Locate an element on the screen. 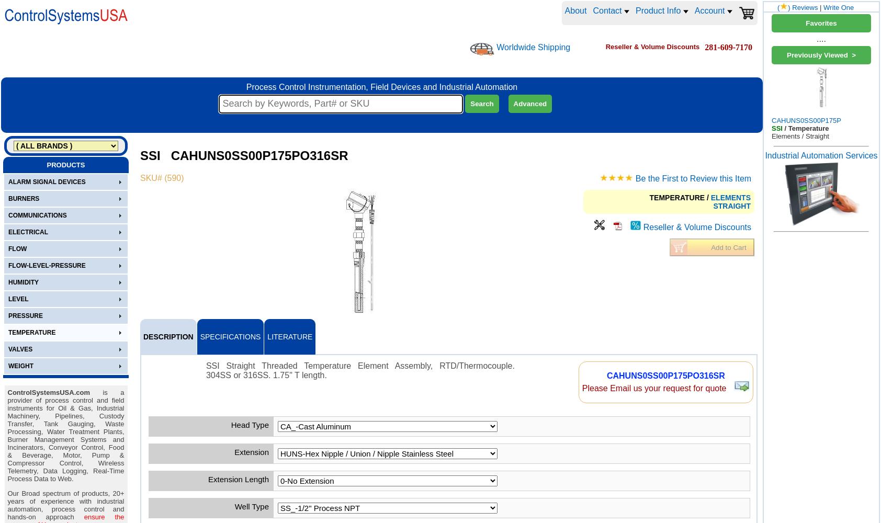 Image resolution: width=881 pixels, height=523 pixels. 'Account' is located at coordinates (710, 10).